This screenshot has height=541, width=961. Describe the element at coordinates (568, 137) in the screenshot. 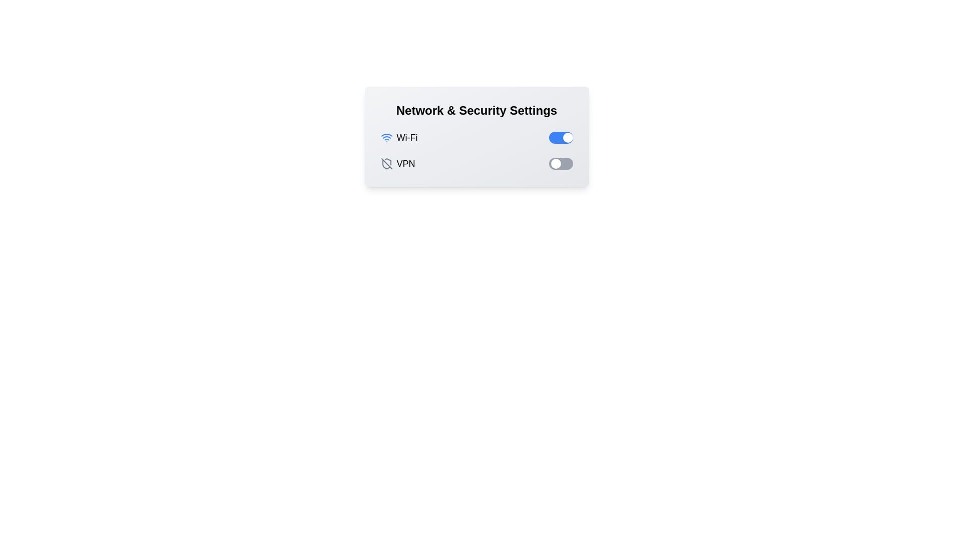

I see `the small white circular toggle switch indicator that is part of the active Wi-Fi option in the settings, embedded within a blue rounded rectangular toggle control` at that location.